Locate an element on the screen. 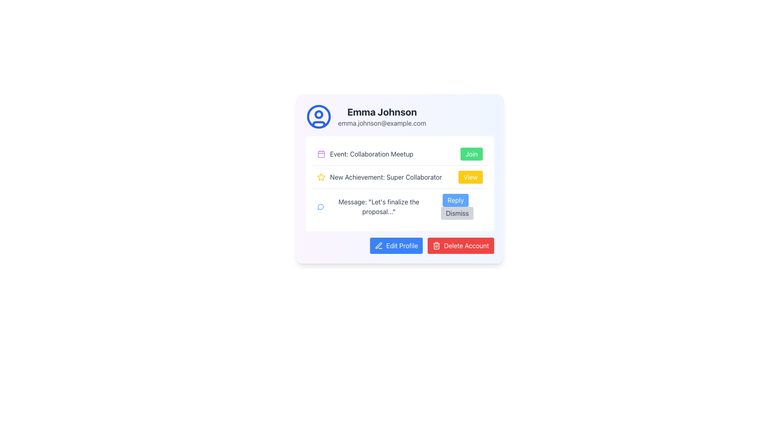 Image resolution: width=779 pixels, height=438 pixels. the details of the user profile icon, which is represented by the outermost circle located in the top left section of the modal interface is located at coordinates (318, 117).